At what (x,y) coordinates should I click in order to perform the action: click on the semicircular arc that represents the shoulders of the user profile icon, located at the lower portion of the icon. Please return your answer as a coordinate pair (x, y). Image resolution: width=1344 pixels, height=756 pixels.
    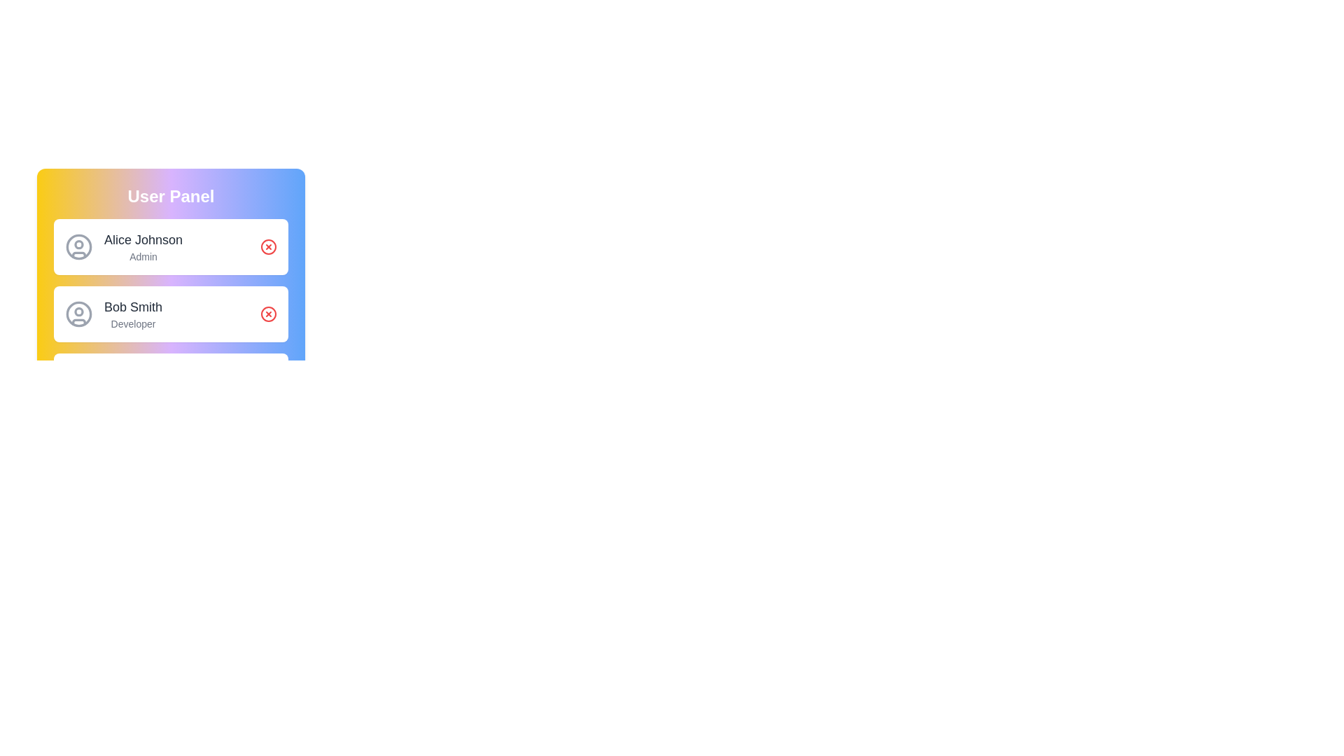
    Looking at the image, I should click on (78, 254).